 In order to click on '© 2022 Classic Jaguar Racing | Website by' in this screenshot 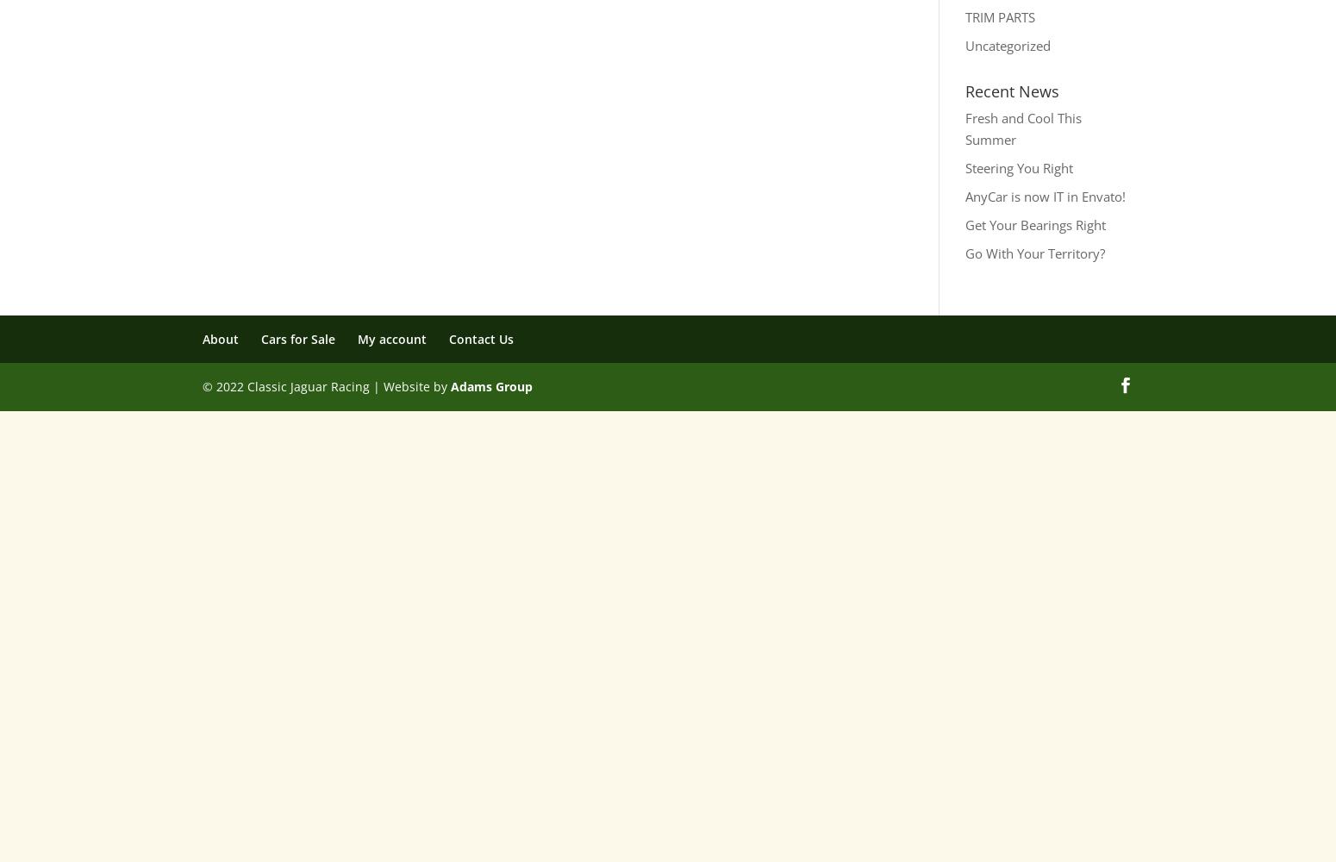, I will do `click(325, 385)`.